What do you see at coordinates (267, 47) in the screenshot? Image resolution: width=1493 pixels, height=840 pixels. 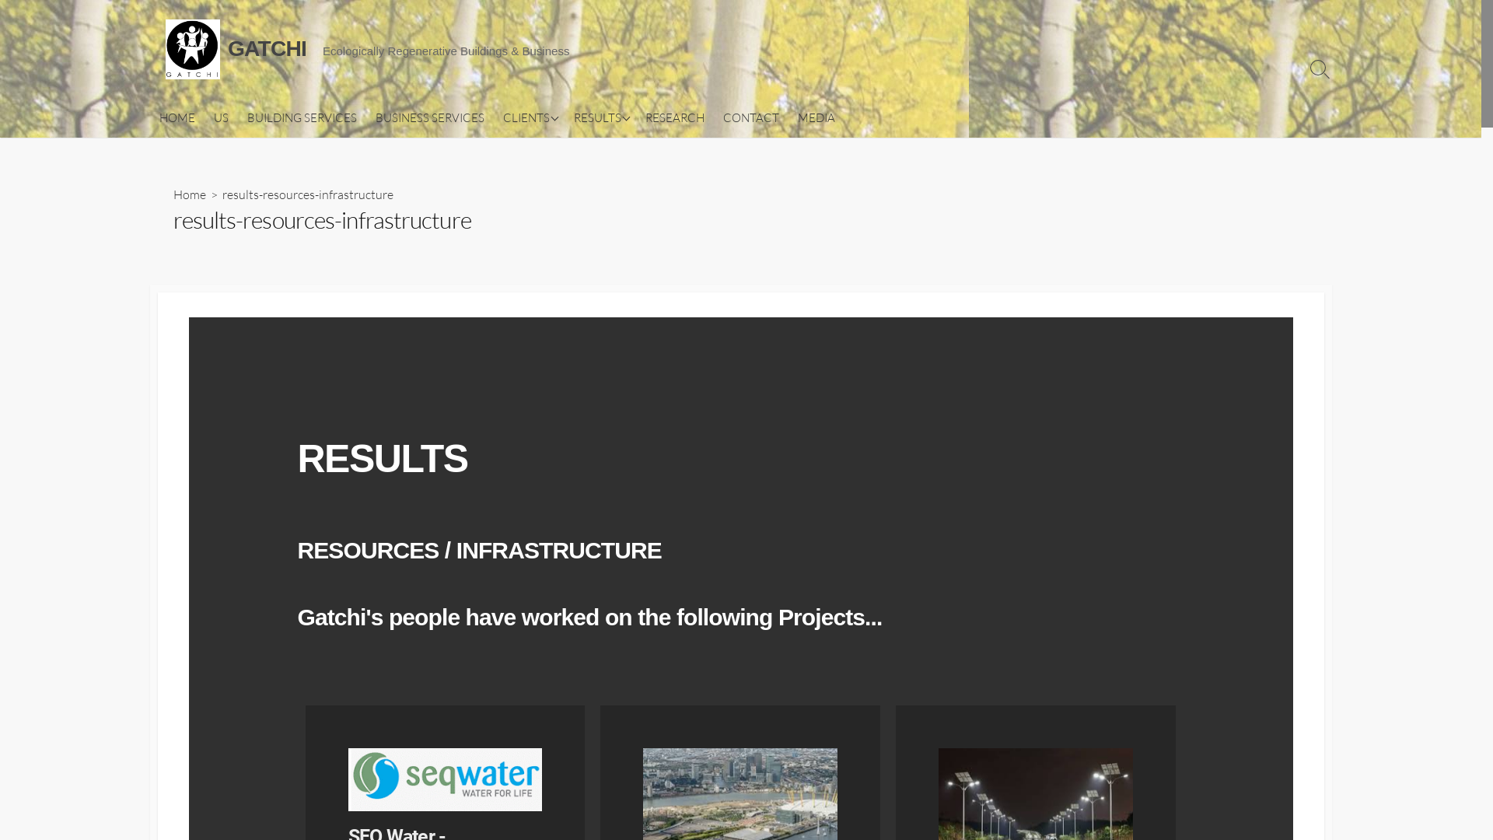 I see `'GATCHI'` at bounding box center [267, 47].